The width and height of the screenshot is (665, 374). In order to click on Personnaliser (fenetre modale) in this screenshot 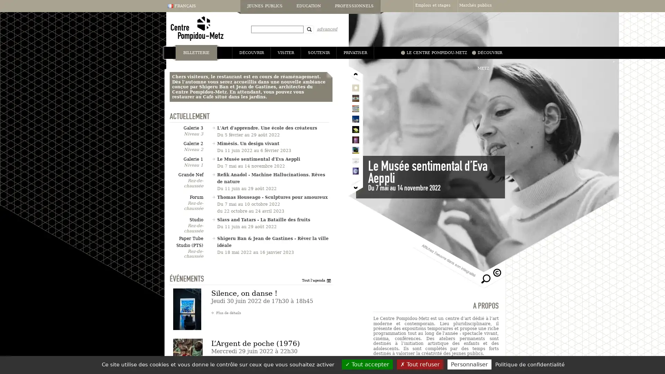, I will do `click(469, 364)`.